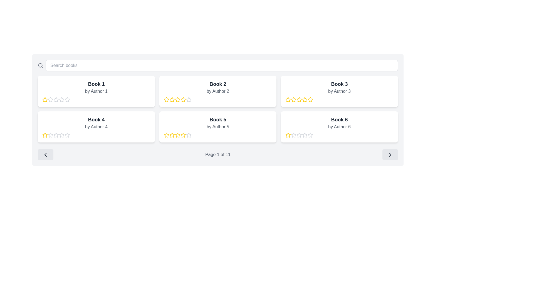 The height and width of the screenshot is (300, 534). Describe the element at coordinates (61, 135) in the screenshot. I see `the second star icon in the rating bar for the book titled 'Book 4', which is styled with a gray outline and has a sharp-edged star shape` at that location.